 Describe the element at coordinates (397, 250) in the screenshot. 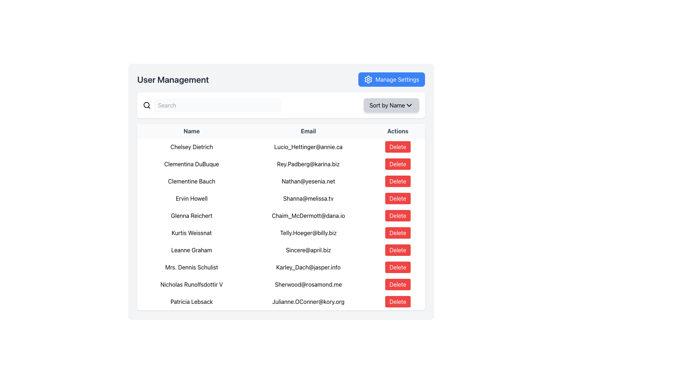

I see `the delete button for the user 'Leanne Graham' located in the rightmost 'Actions' column of the user management table` at that location.